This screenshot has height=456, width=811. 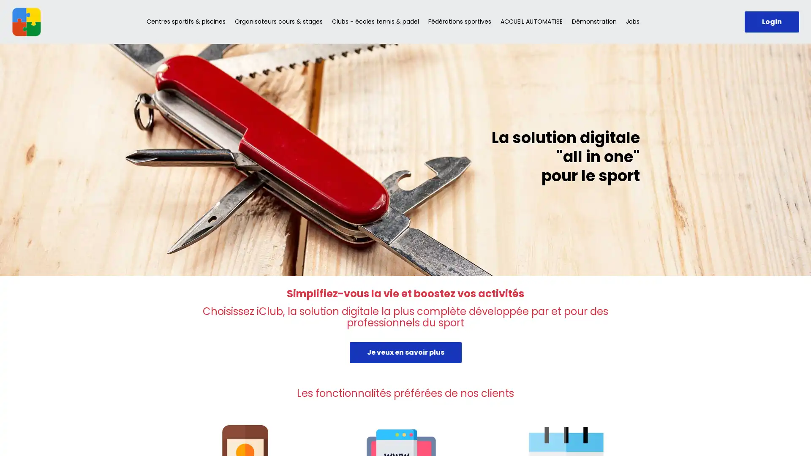 What do you see at coordinates (531, 21) in the screenshot?
I see `ACCUEIL AUTOMATISE` at bounding box center [531, 21].